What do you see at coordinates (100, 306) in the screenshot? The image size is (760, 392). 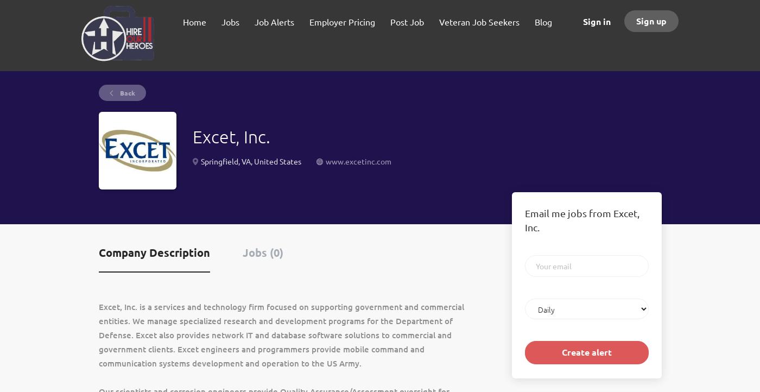 I see `'E'` at bounding box center [100, 306].